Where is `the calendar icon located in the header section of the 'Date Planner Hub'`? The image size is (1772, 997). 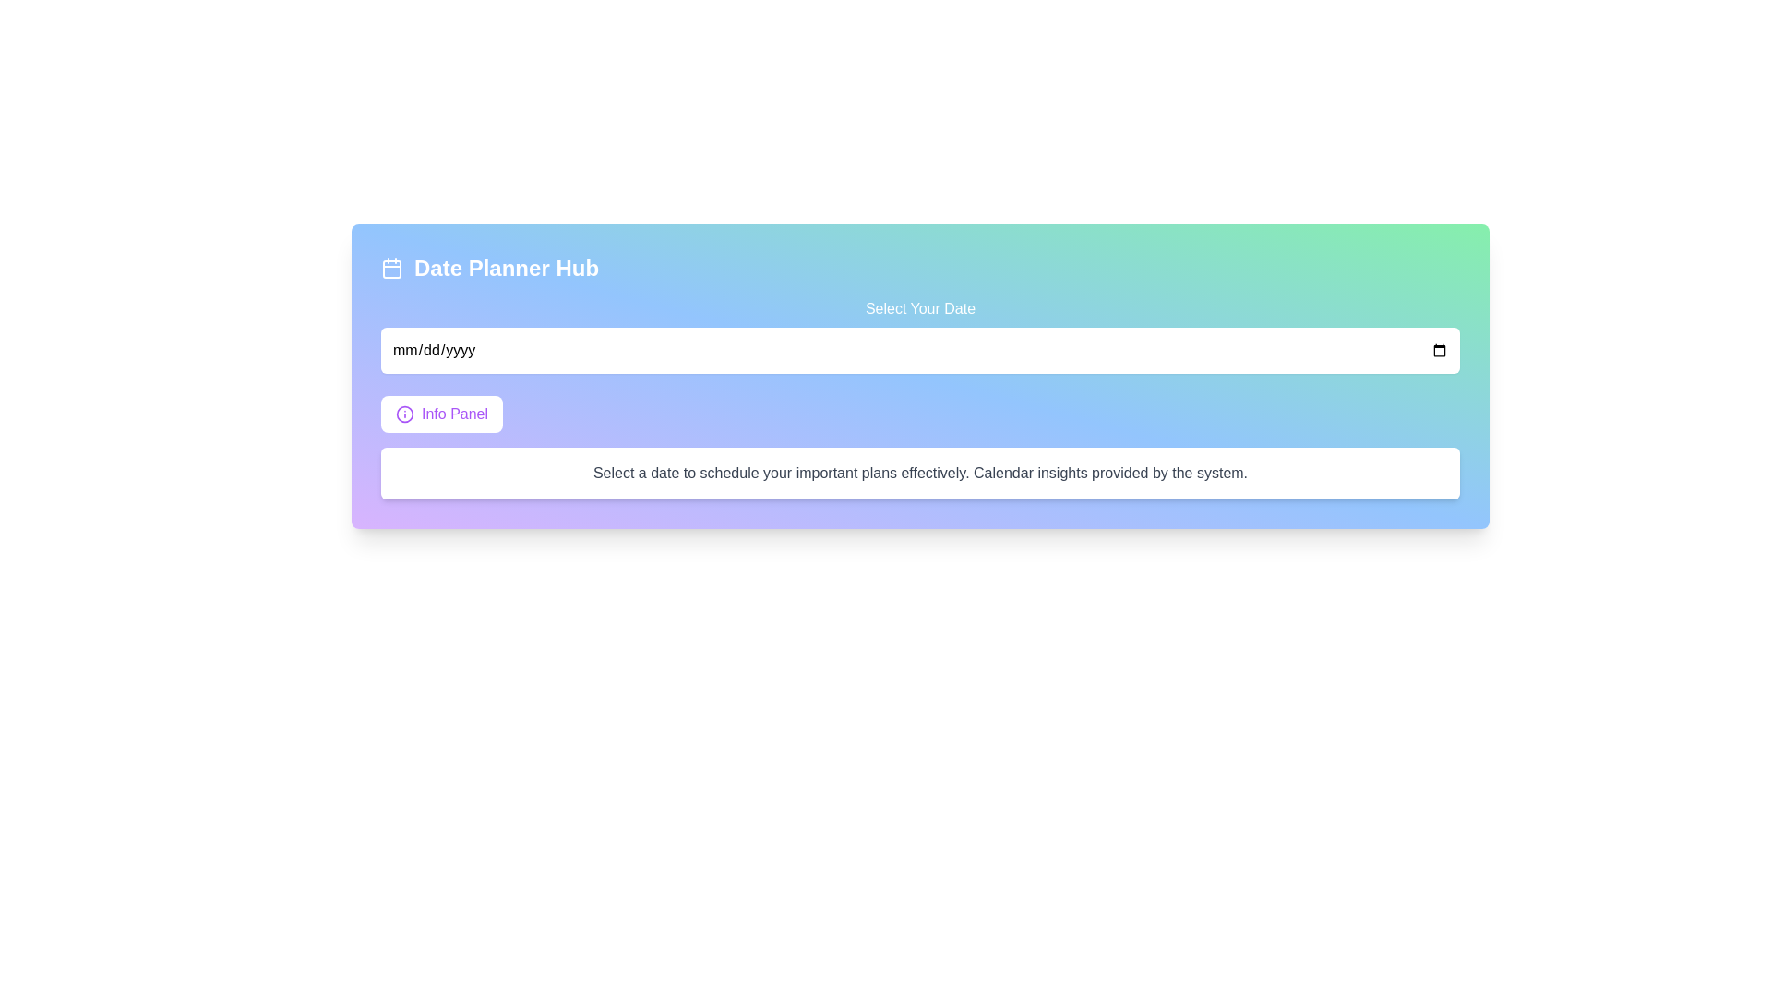
the calendar icon located in the header section of the 'Date Planner Hub' is located at coordinates (391, 268).